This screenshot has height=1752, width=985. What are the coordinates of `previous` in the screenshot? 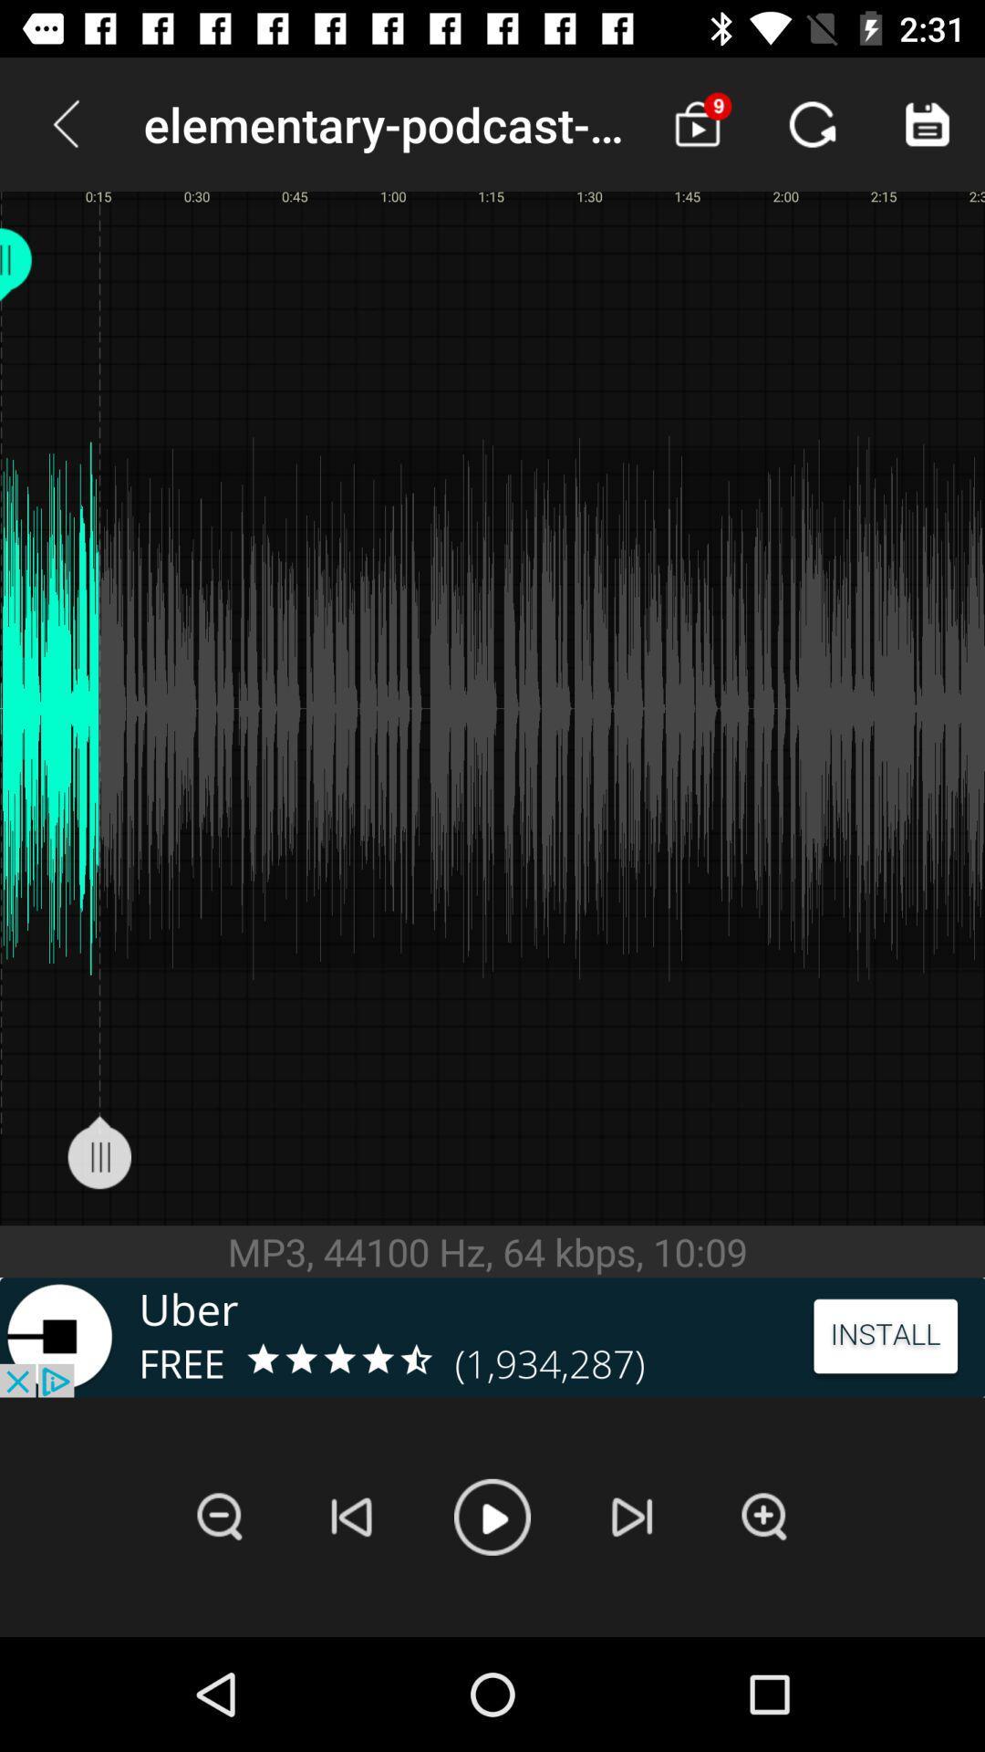 It's located at (352, 1517).